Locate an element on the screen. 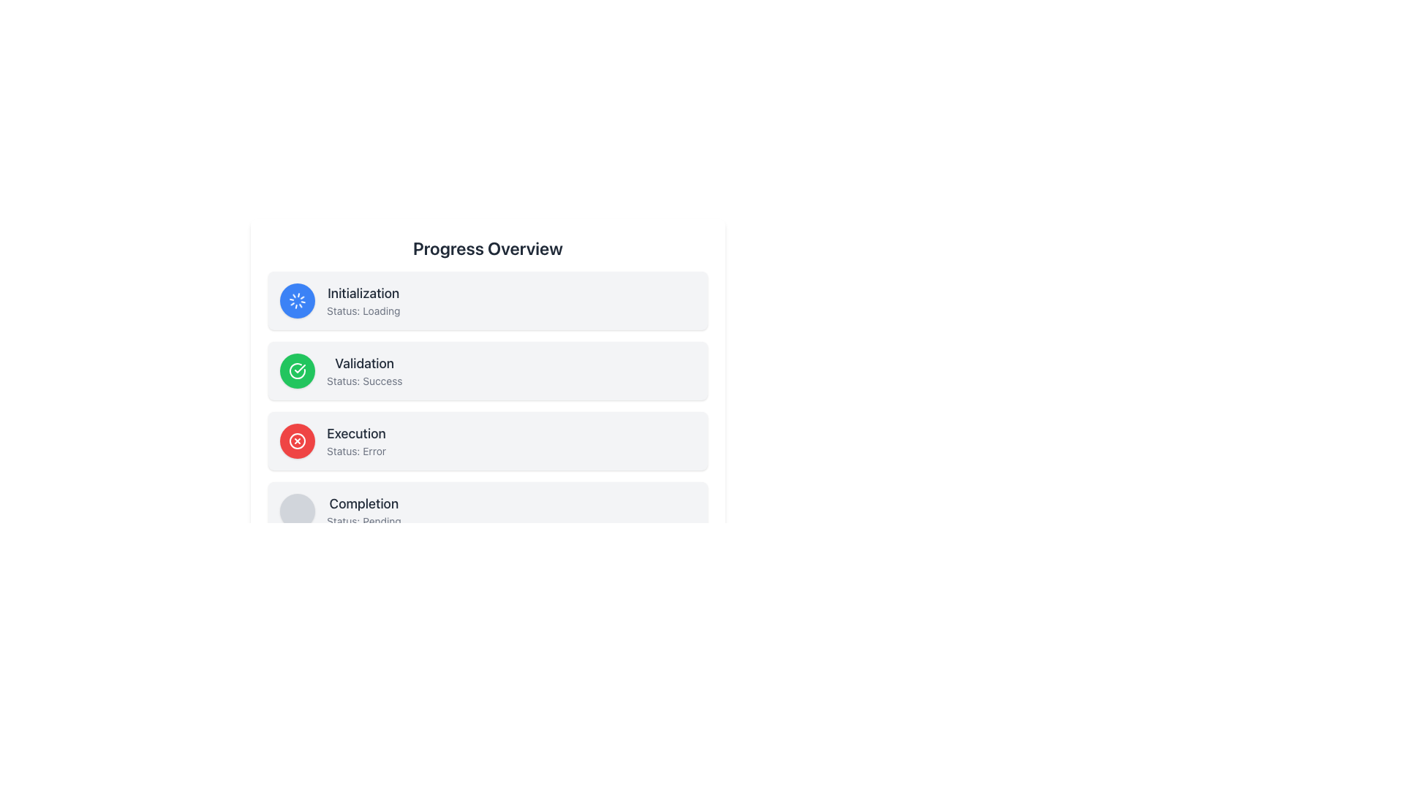  the checkmark vector graphic inside the green circle indicating successful validation in the 'Progress Overview' section is located at coordinates (299, 368).